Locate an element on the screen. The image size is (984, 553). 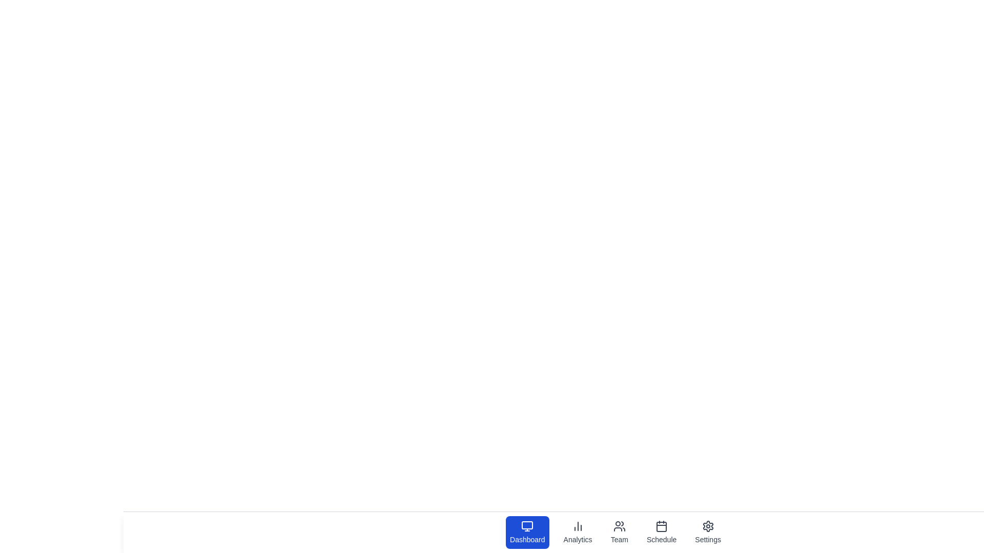
the tab labeled Analytics by clicking on its icon or label is located at coordinates (578, 532).